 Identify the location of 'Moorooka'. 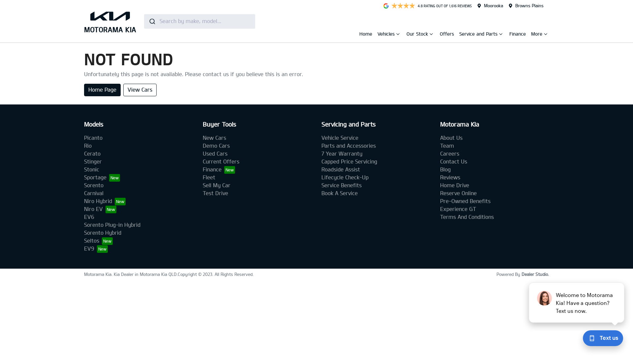
(494, 5).